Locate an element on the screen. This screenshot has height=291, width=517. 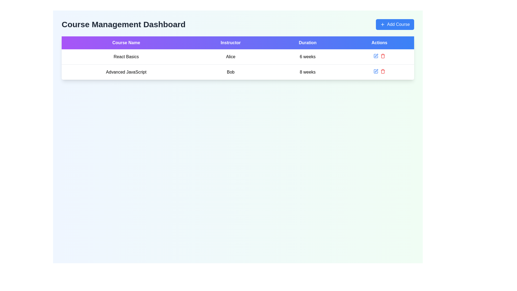
the small plus icon within the 'Add Course' button, which is located at the top-right corner of the interface is located at coordinates (382, 25).